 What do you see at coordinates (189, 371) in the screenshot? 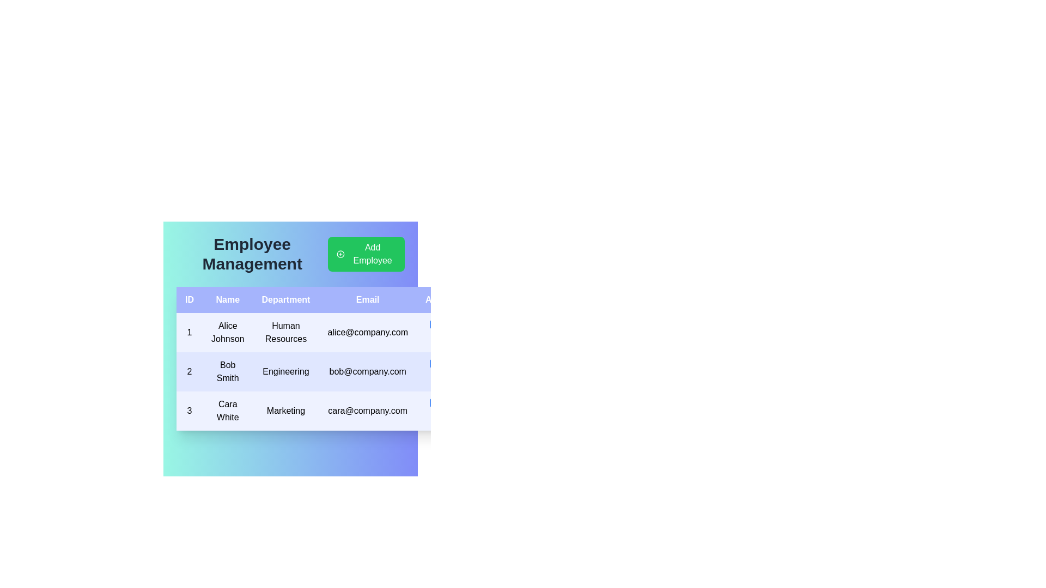
I see `number displayed in the first column of the row representing Bob Smith's data in the table` at bounding box center [189, 371].